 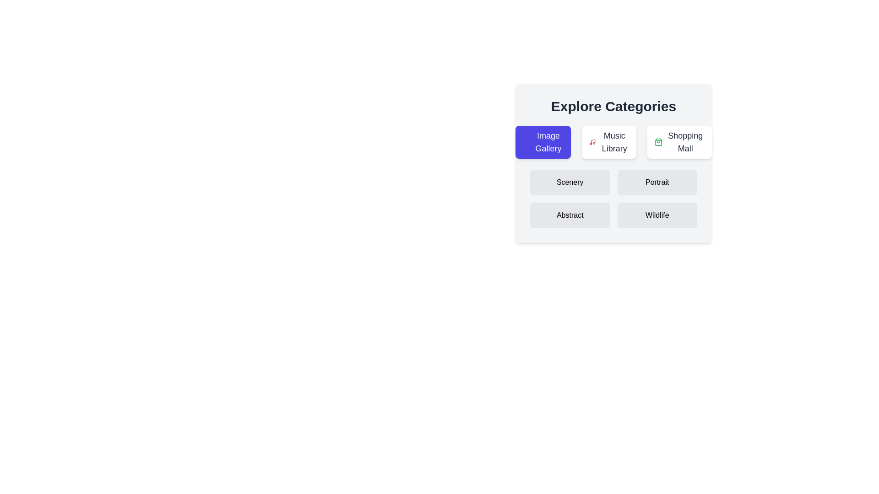 What do you see at coordinates (570, 215) in the screenshot?
I see `the selectable button in the 'Explore Categories' section, located in the lower row of a two-by-two grid layout, first column, directly below the 'Scenery' button` at bounding box center [570, 215].